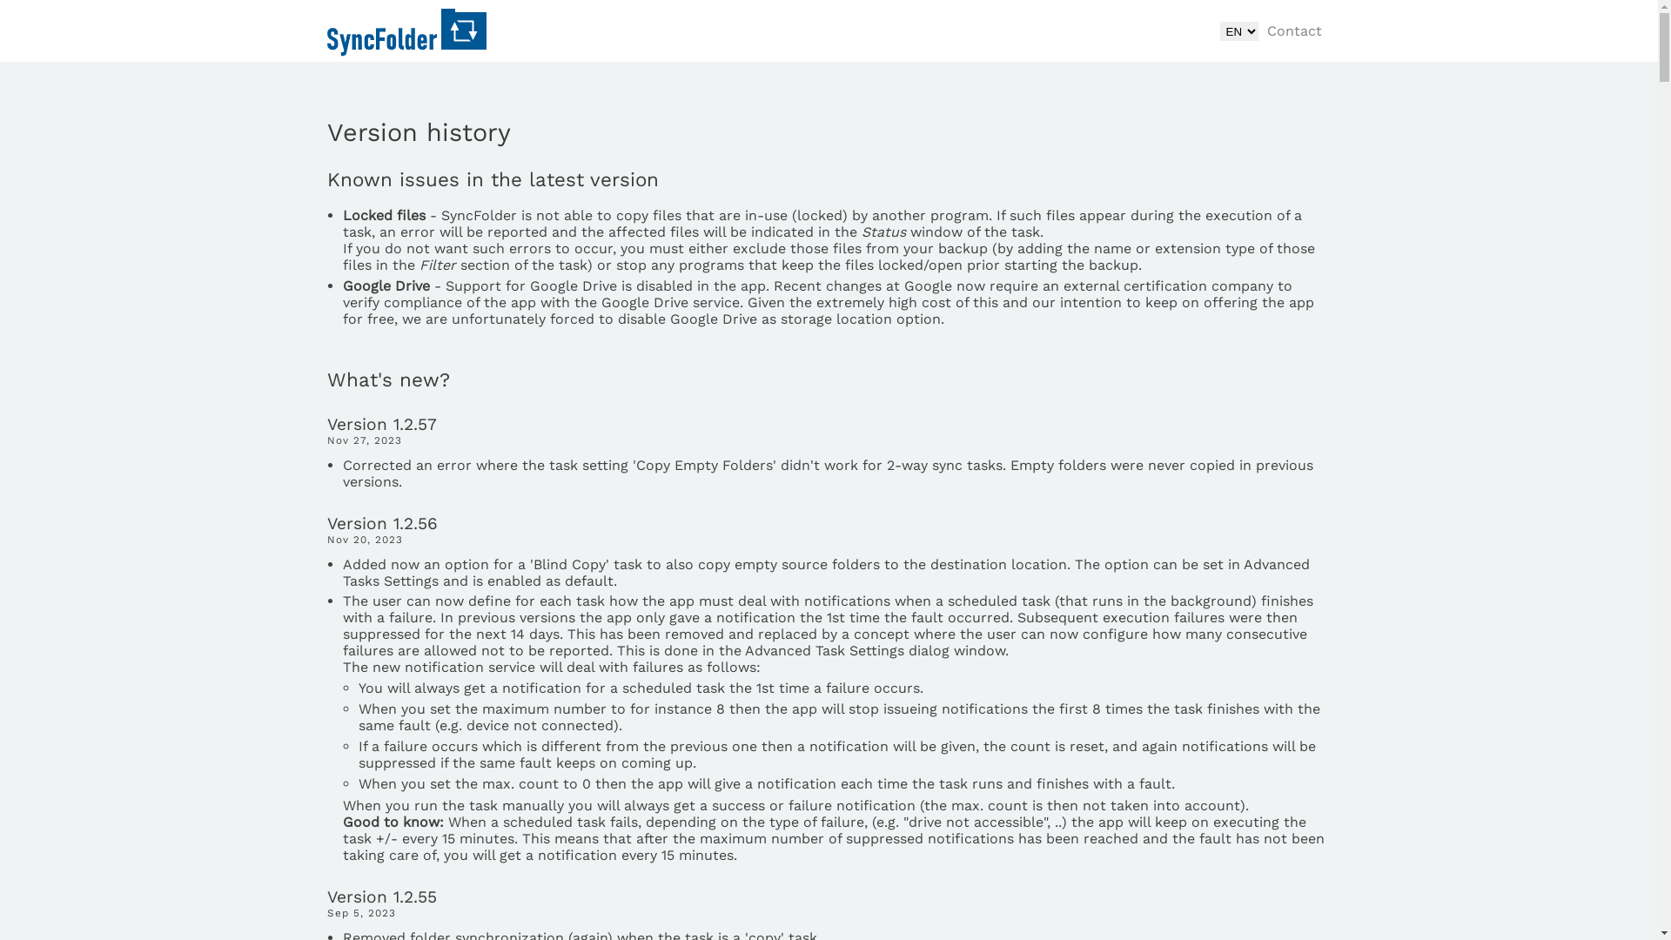 The image size is (1671, 940). I want to click on 'SyncFolder home', so click(406, 32).